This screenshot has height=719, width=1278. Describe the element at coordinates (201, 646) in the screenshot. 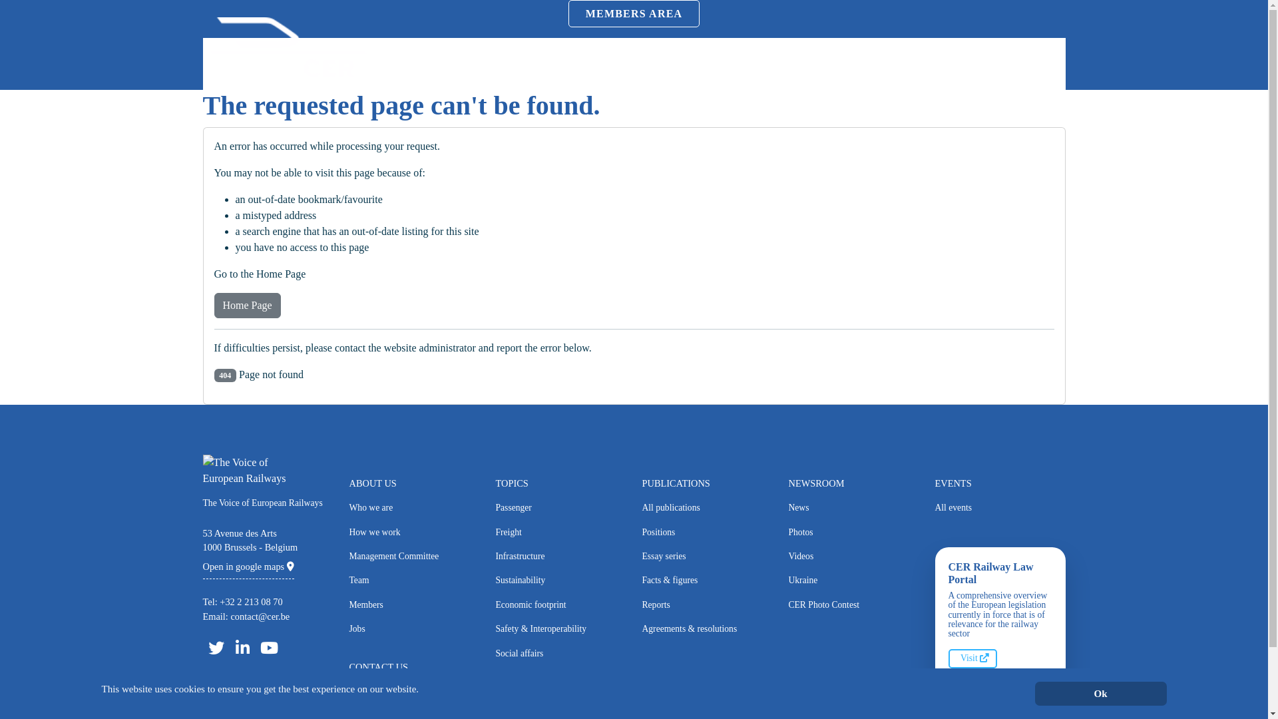

I see `'e.dso twitter'` at that location.